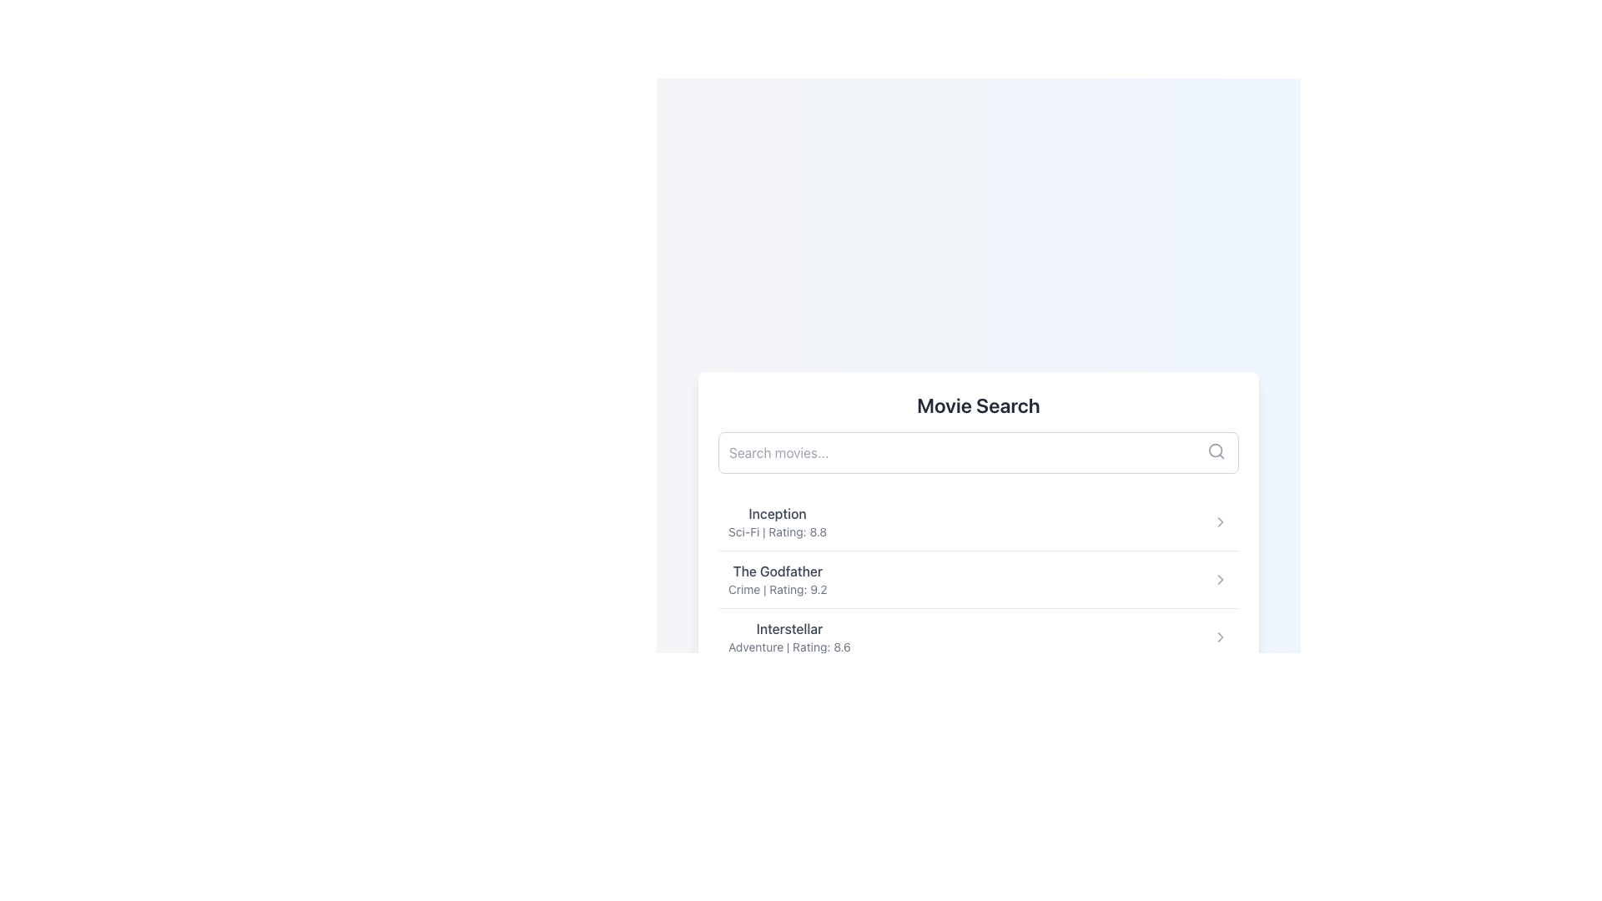 This screenshot has width=1602, height=901. What do you see at coordinates (1216, 450) in the screenshot?
I see `the circular graphic component of the magnifying glass design in the search icon located at the far right of the search field` at bounding box center [1216, 450].